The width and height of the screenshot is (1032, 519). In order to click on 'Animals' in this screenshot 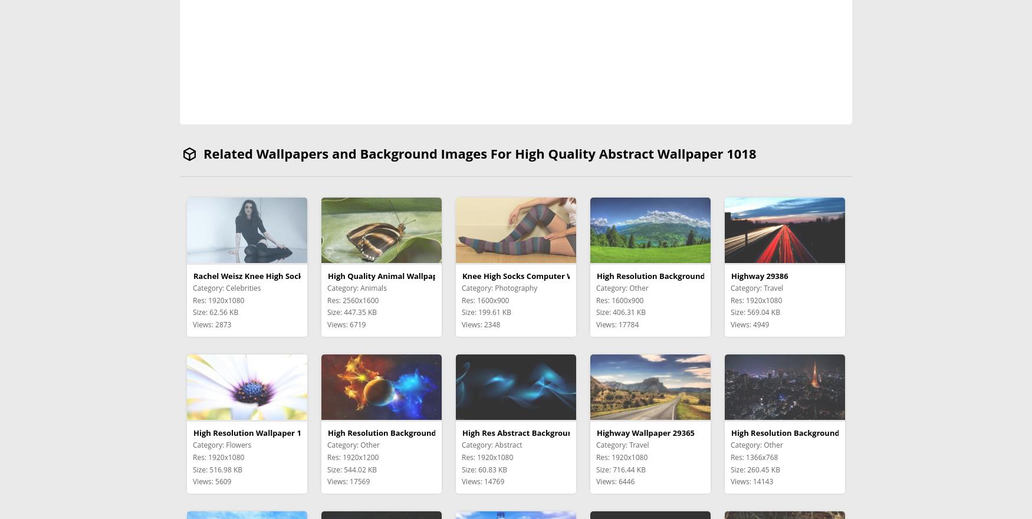, I will do `click(372, 287)`.